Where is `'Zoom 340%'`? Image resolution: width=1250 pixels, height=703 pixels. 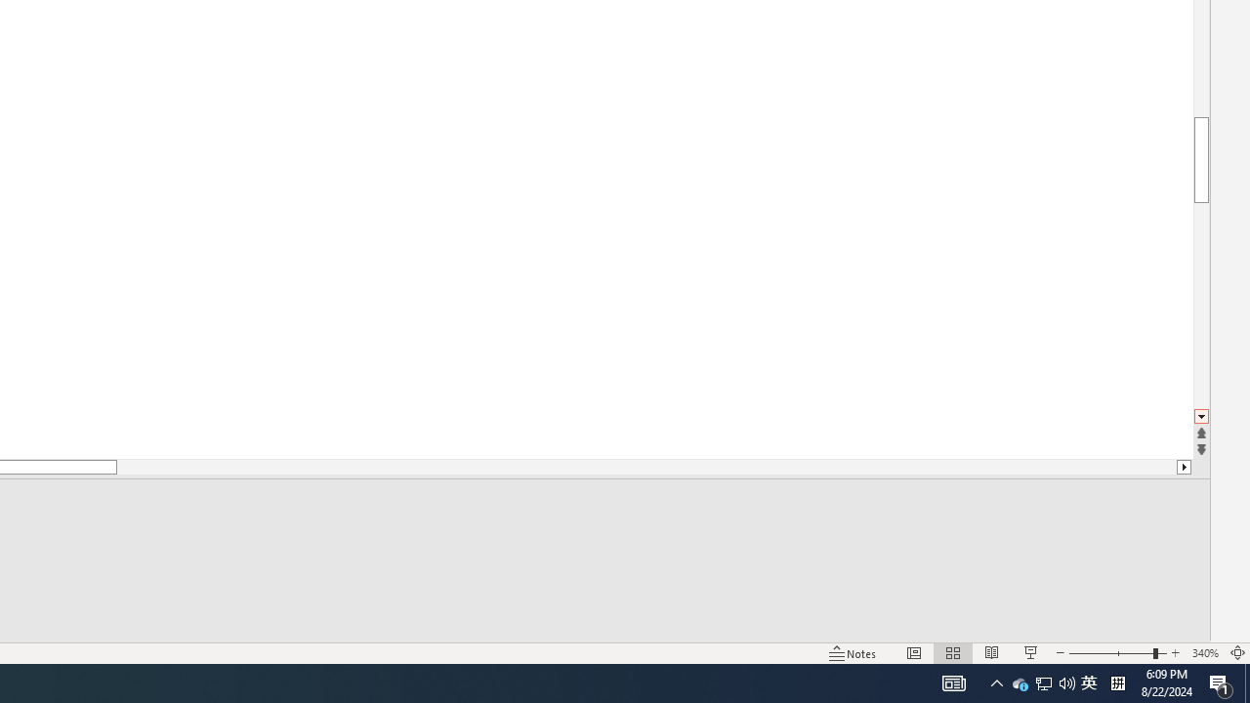 'Zoom 340%' is located at coordinates (1204, 653).